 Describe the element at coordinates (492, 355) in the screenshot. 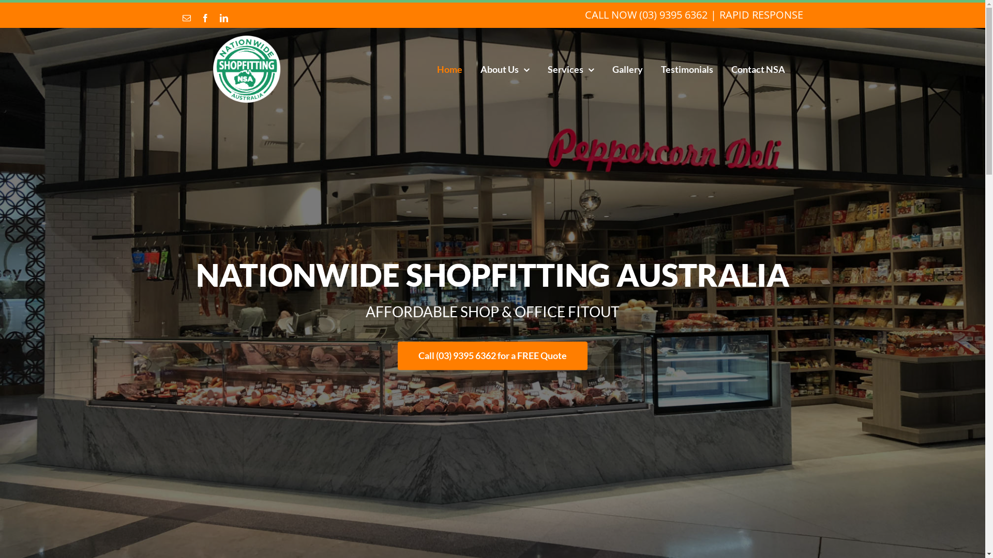

I see `'Call (03) 9395 6362 for a FREE Quote'` at that location.